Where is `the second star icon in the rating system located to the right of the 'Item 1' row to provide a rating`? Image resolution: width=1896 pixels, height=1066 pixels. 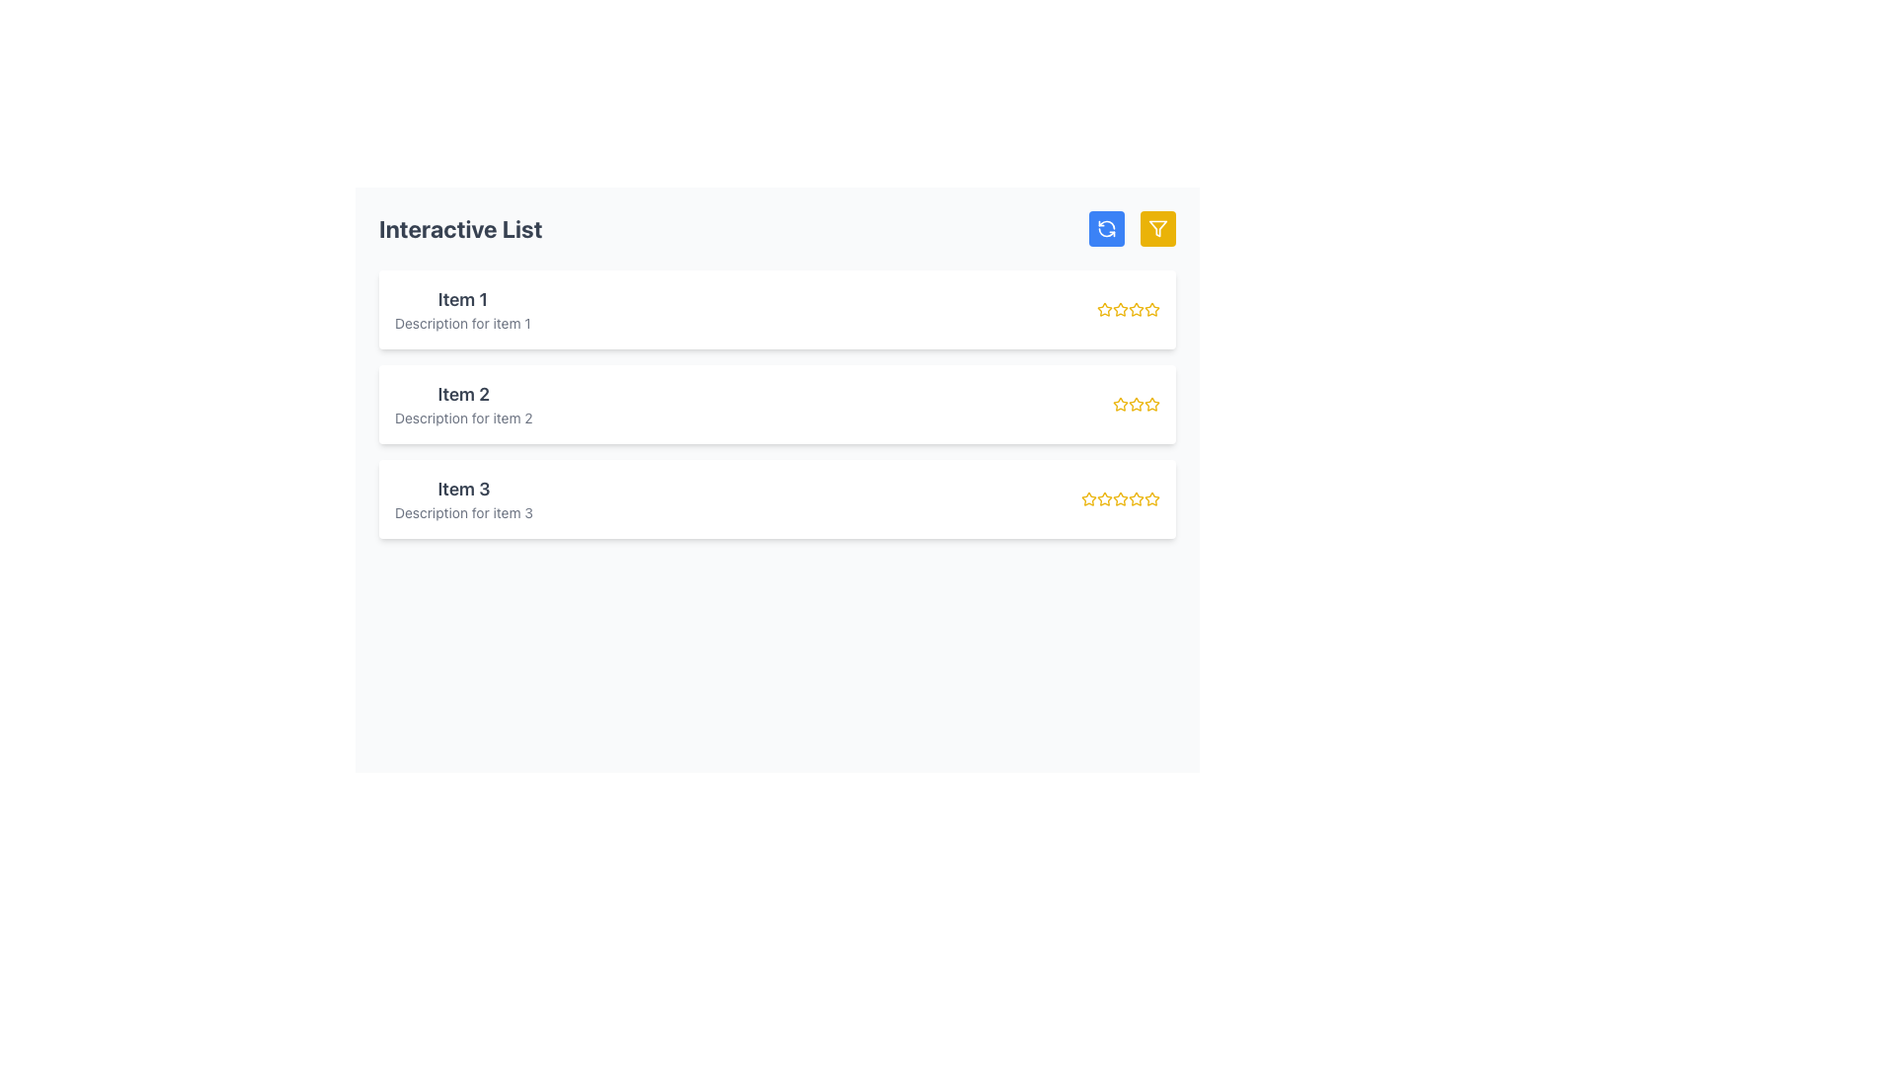
the second star icon in the rating system located to the right of the 'Item 1' row to provide a rating is located at coordinates (1120, 309).